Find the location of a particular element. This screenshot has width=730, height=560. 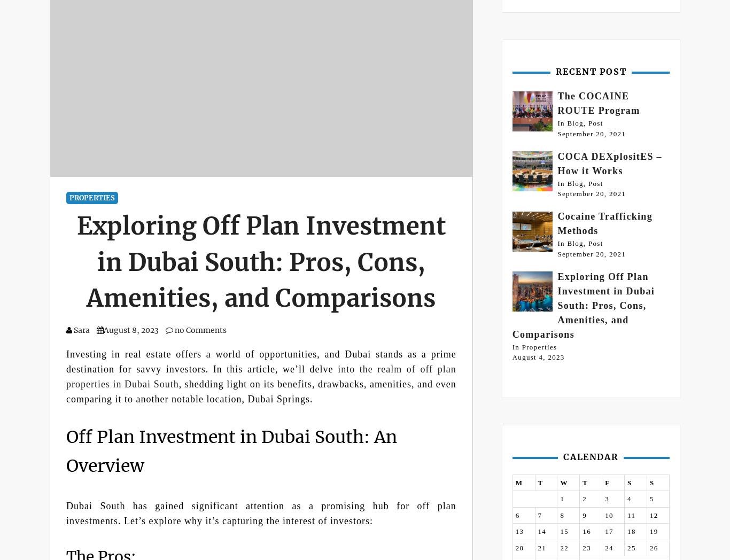

'9' is located at coordinates (584, 514).